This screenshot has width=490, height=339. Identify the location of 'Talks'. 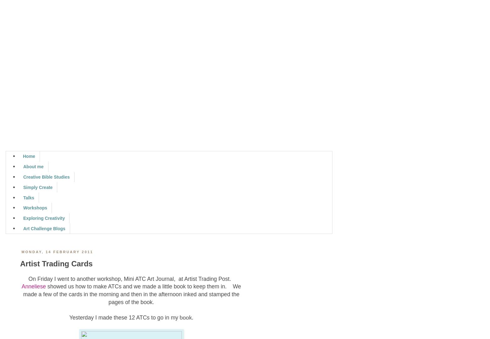
(28, 197).